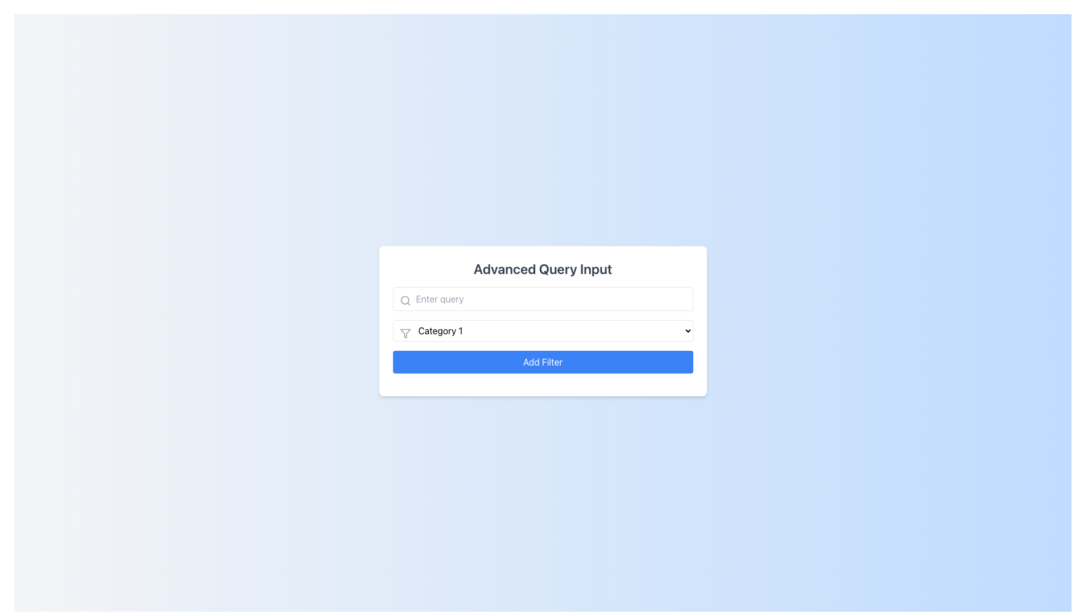  I want to click on the circular part of the magnifying glass icon located to the left inside the text input field labeled 'Enter query', so click(404, 300).